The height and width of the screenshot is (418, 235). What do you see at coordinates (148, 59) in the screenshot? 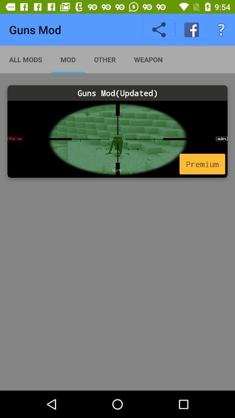
I see `item above guns mod(updated) icon` at bounding box center [148, 59].